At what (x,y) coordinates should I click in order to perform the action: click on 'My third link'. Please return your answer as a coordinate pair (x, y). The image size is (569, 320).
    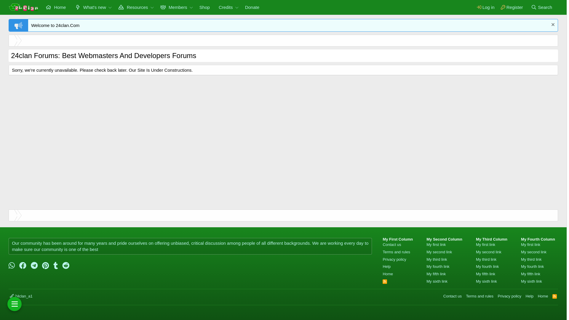
    Looking at the image, I should click on (486, 259).